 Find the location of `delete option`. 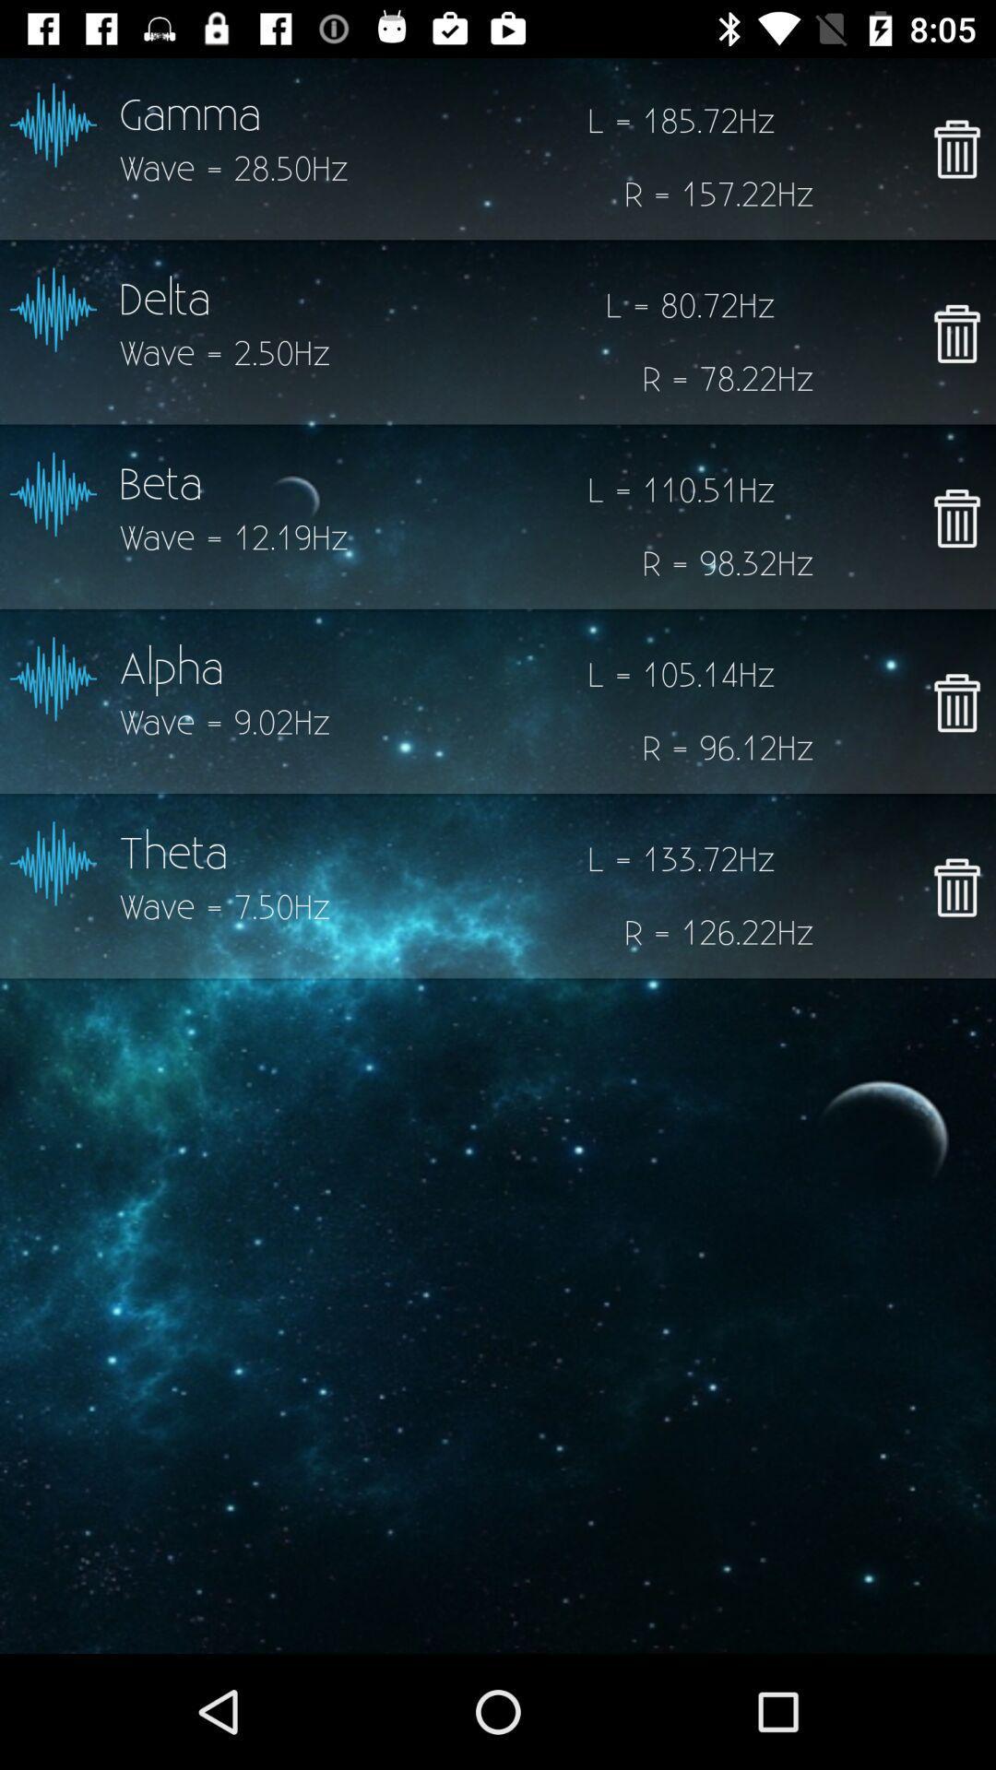

delete option is located at coordinates (955, 333).